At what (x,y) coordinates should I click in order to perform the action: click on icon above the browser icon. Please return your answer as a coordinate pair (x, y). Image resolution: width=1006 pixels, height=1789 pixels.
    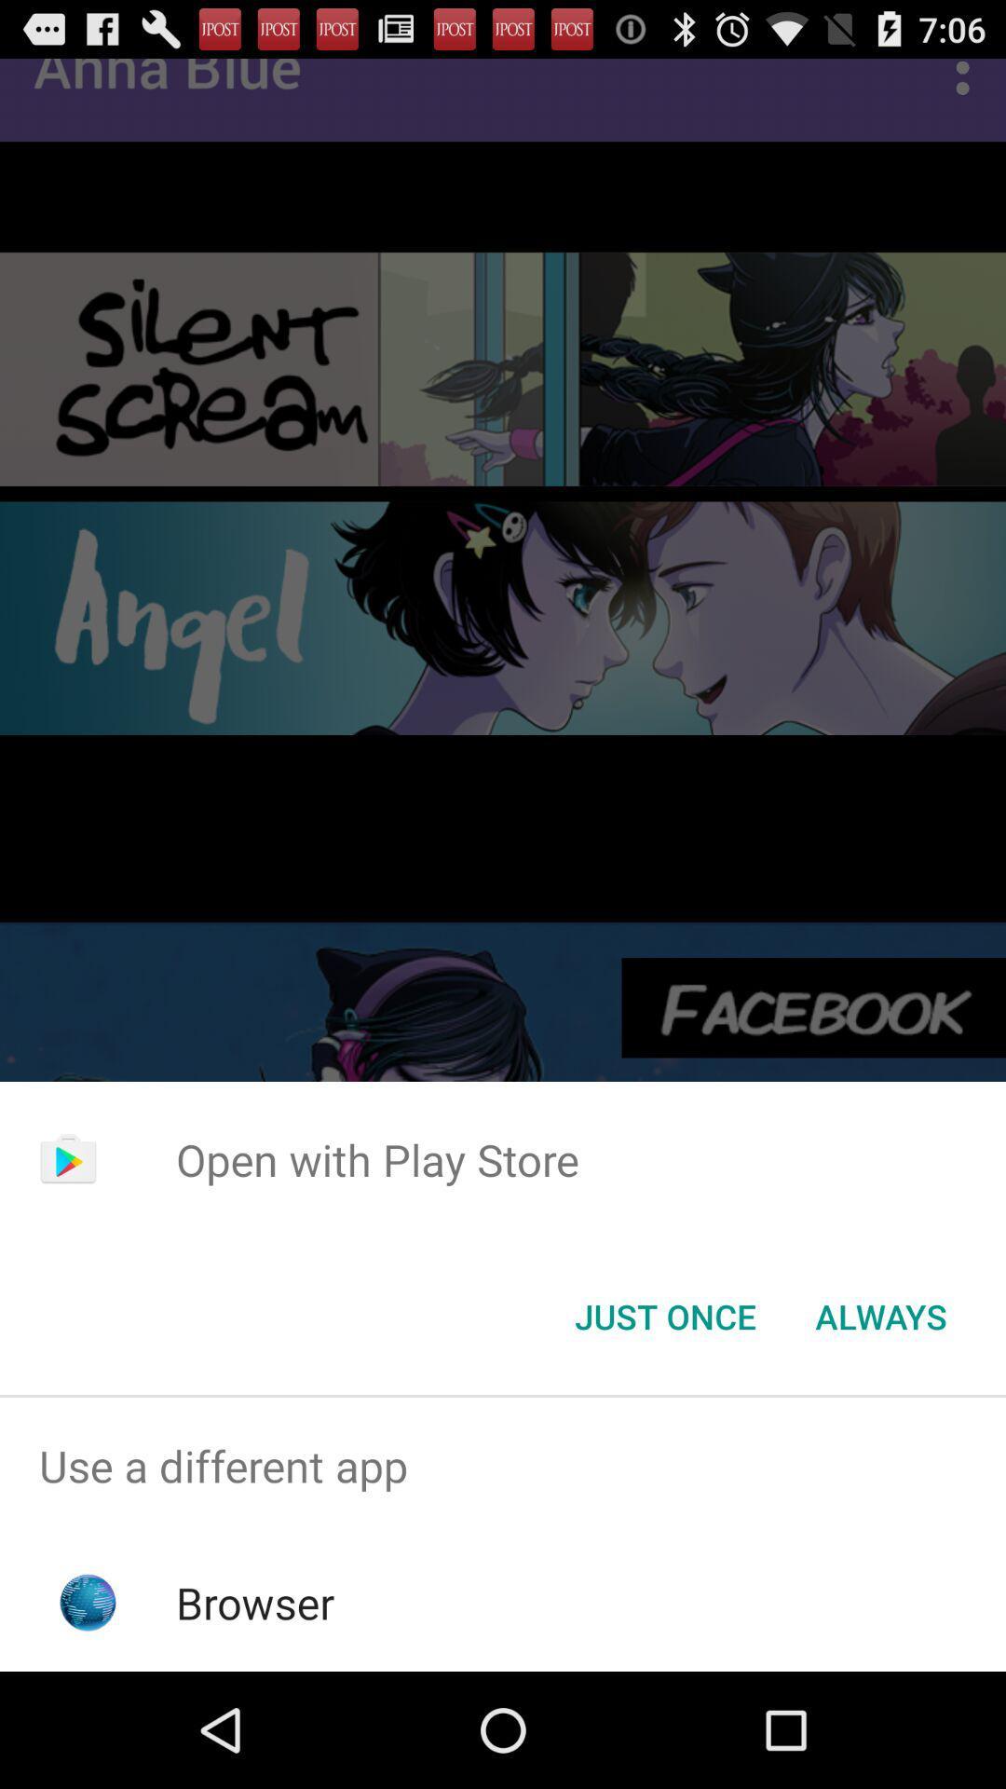
    Looking at the image, I should click on (503, 1465).